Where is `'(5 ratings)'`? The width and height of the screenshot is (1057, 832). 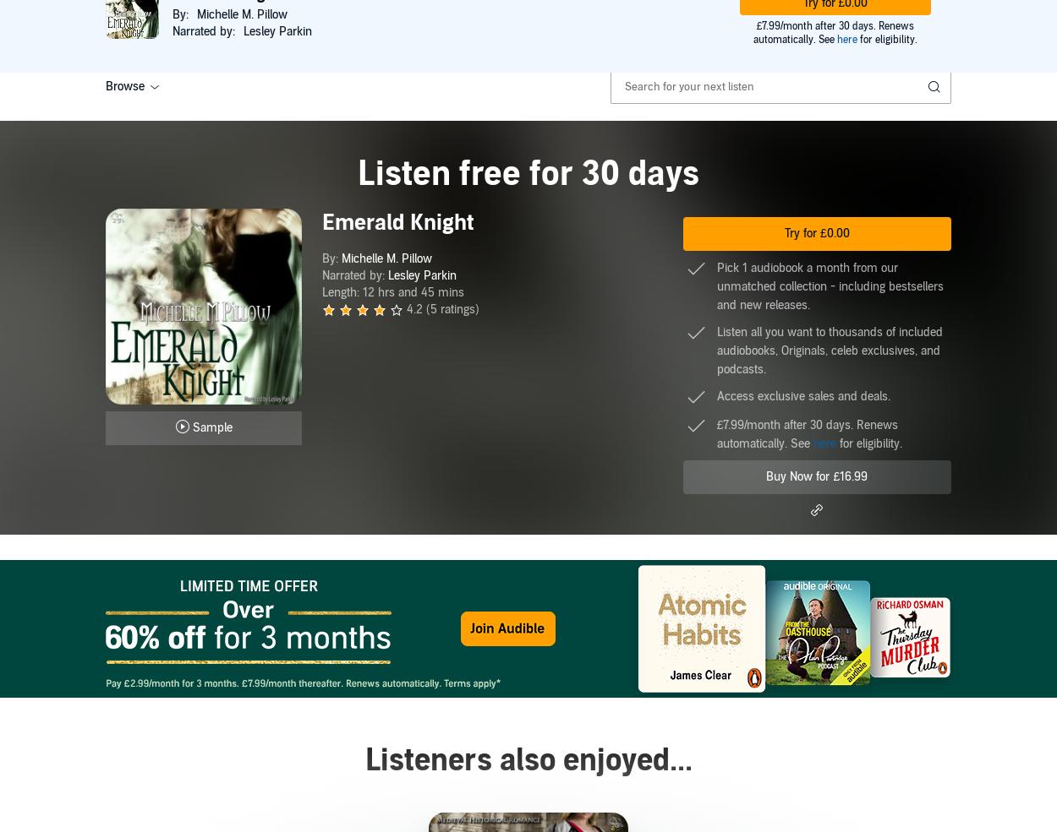 '(5 ratings)' is located at coordinates (452, 309).